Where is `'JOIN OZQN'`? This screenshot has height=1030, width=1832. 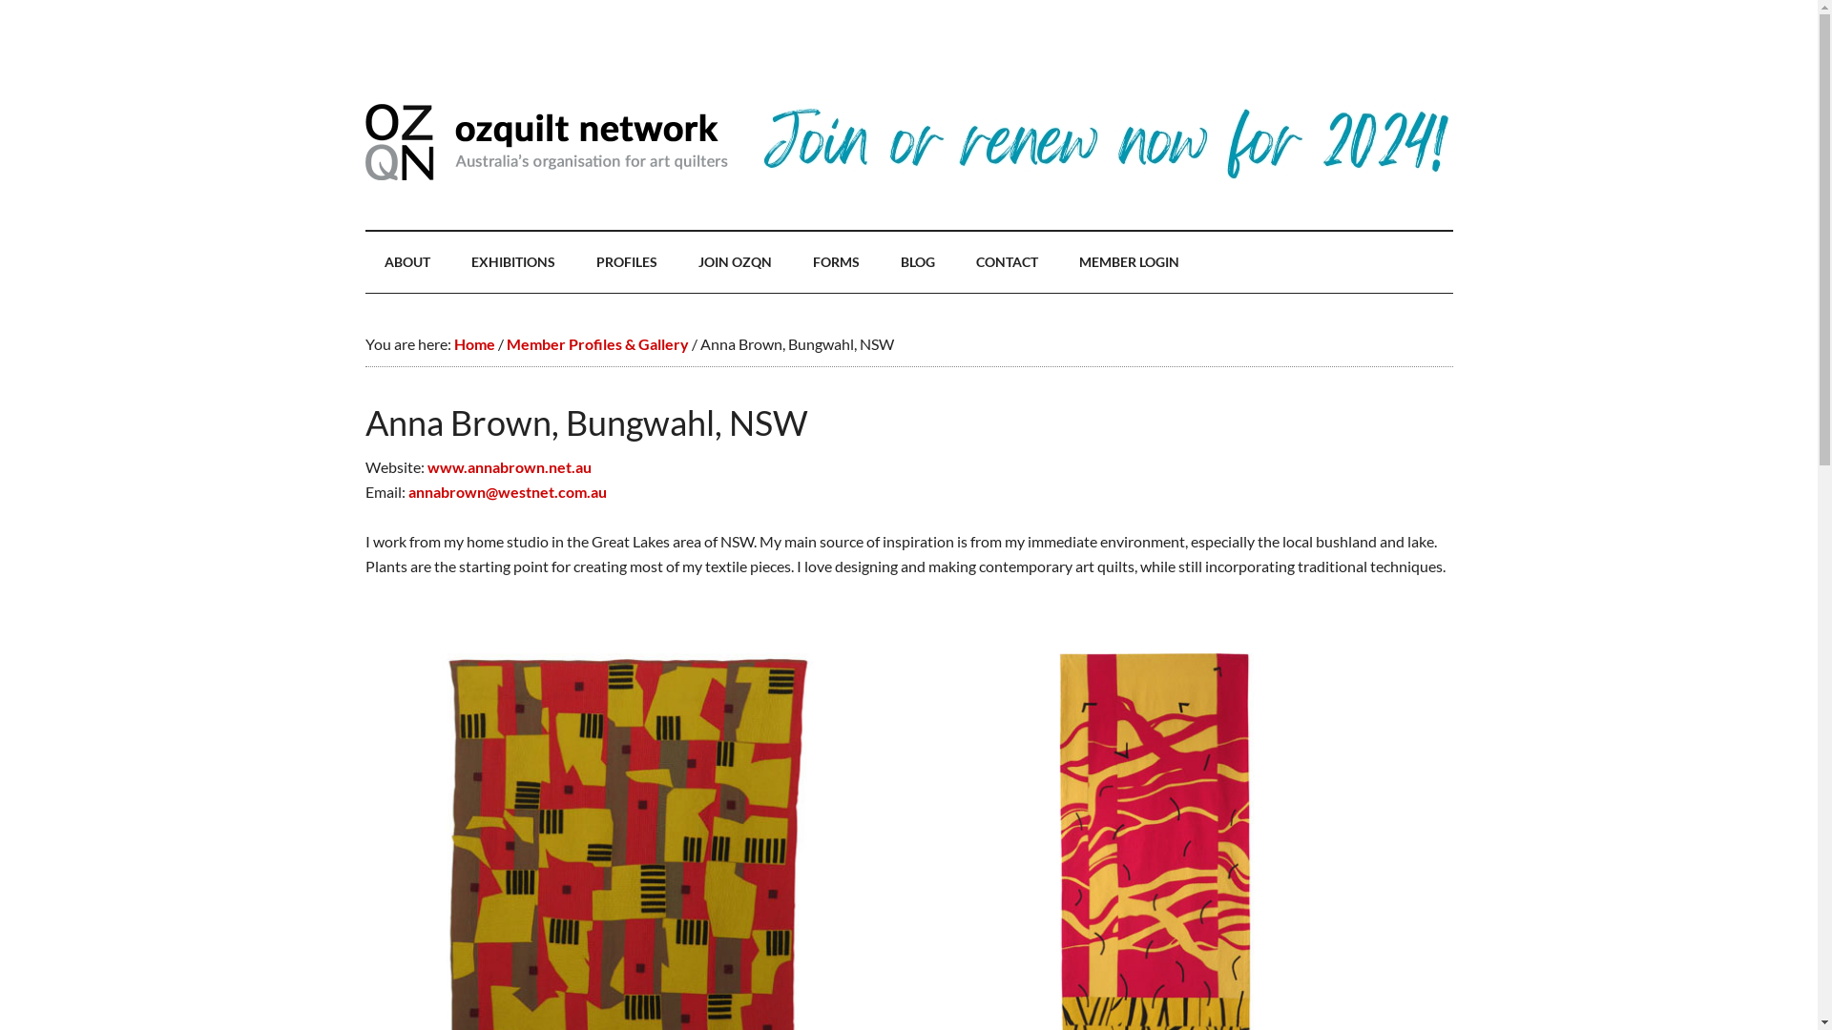
'JOIN OZQN' is located at coordinates (734, 261).